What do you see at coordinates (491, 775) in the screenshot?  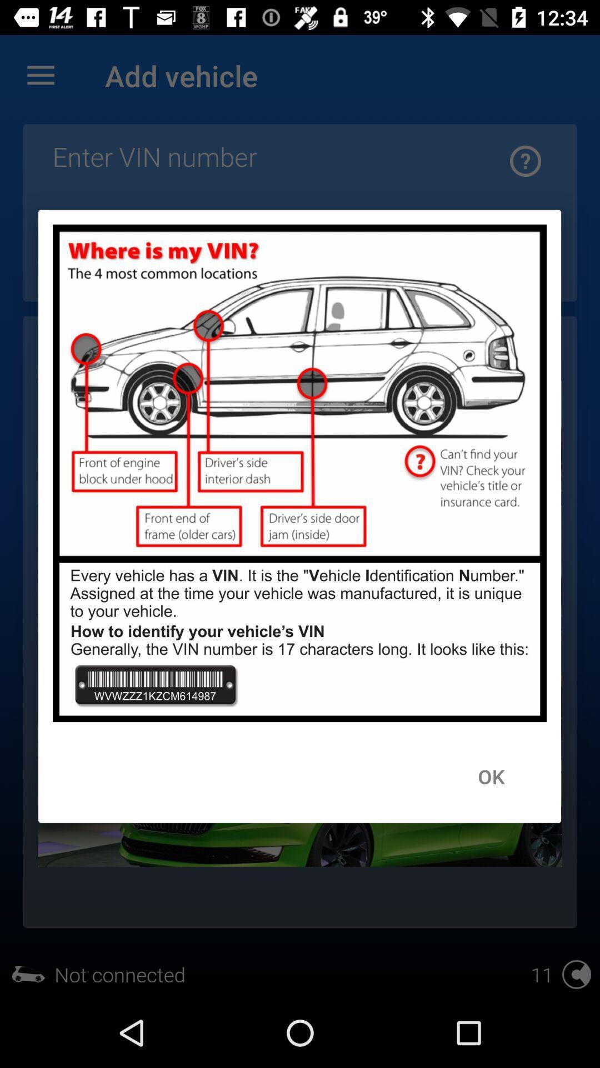 I see `ok at the bottom right corner` at bounding box center [491, 775].